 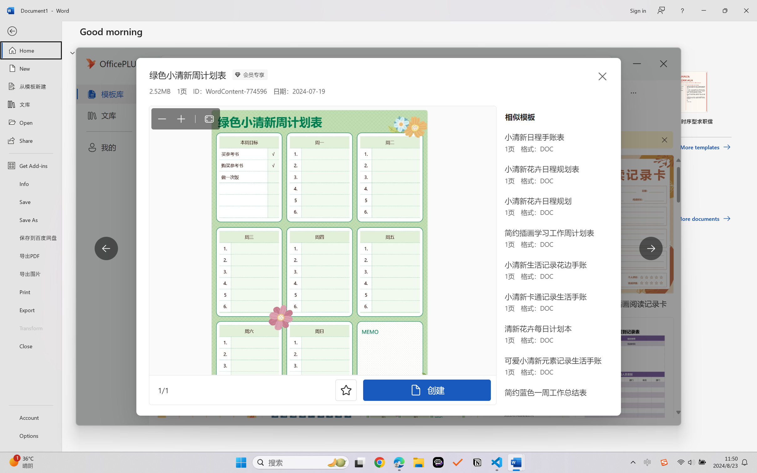 What do you see at coordinates (30, 327) in the screenshot?
I see `'Transform'` at bounding box center [30, 327].